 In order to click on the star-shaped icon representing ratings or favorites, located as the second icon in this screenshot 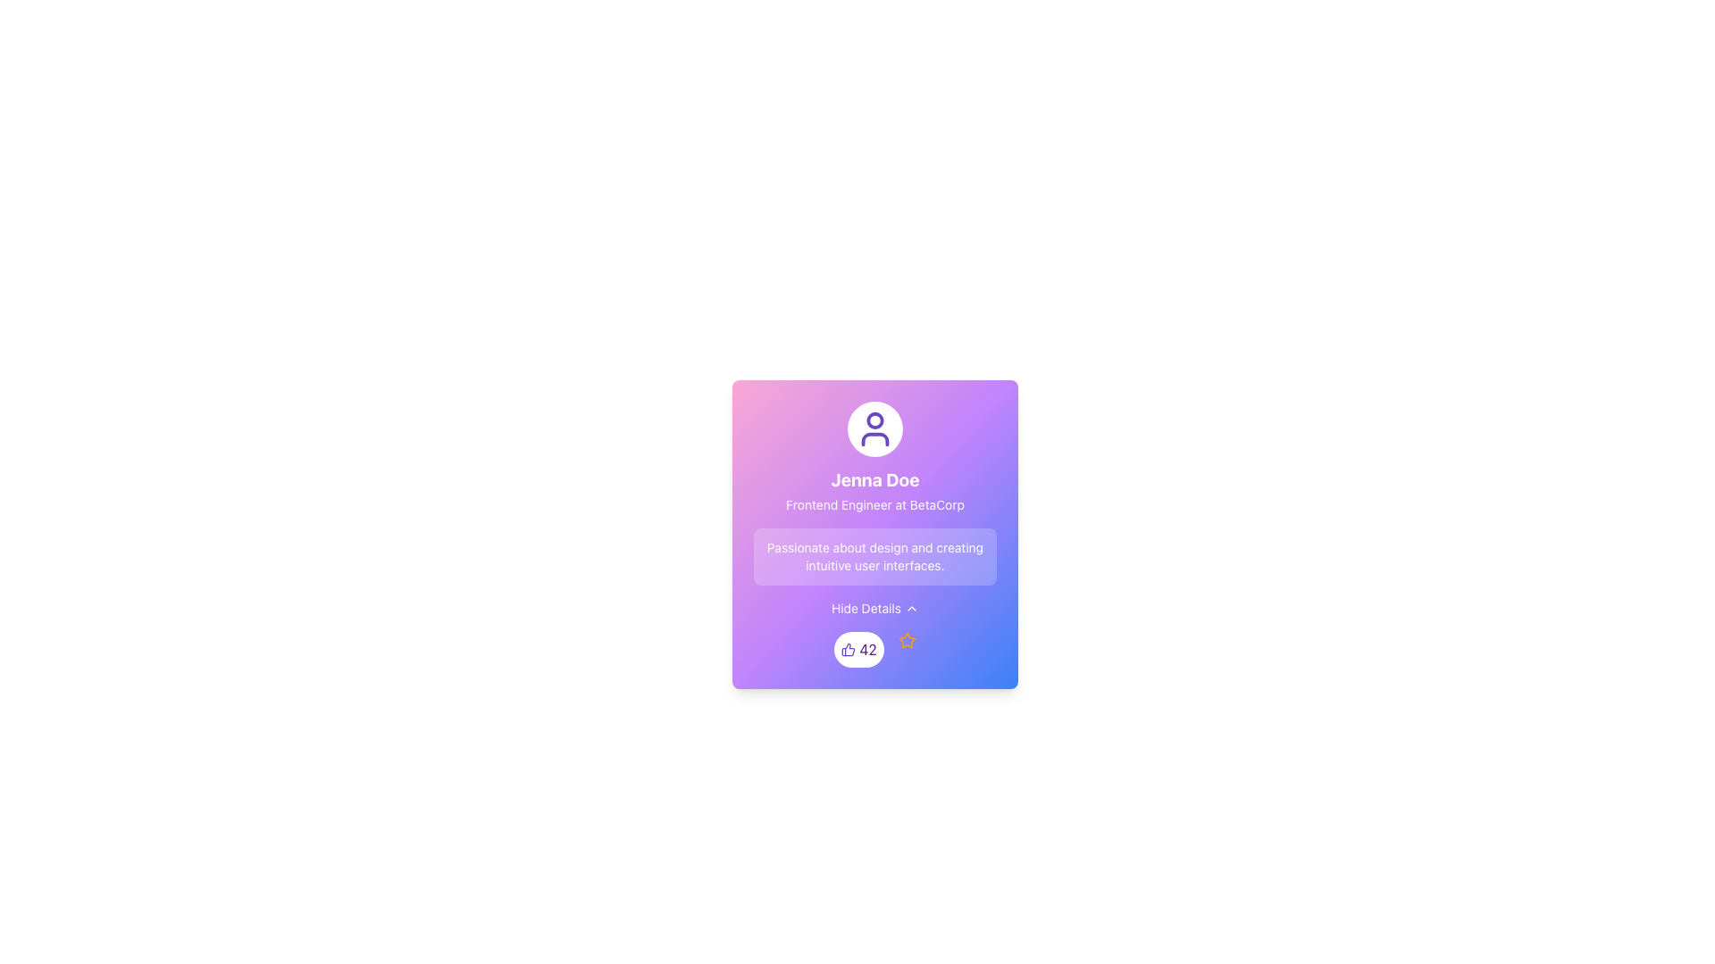, I will do `click(907, 639)`.